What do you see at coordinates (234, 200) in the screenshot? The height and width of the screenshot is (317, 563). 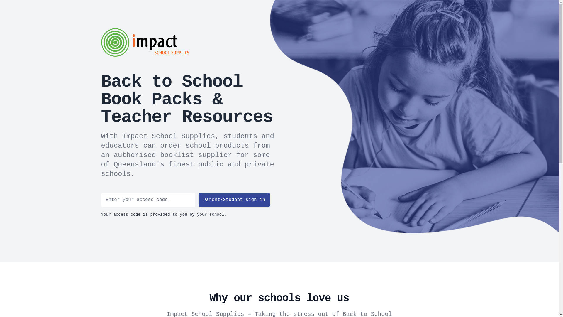 I see `'Parent/Student sign in'` at bounding box center [234, 200].